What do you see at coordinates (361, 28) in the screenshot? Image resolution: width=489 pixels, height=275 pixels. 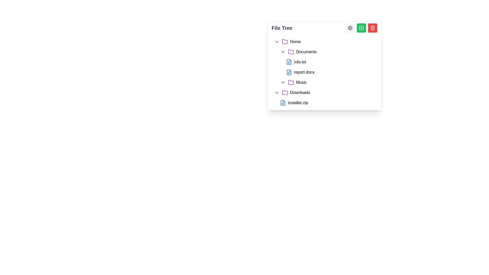 I see `the square icon button with a plus sign in the center, located at the top-right corner of the file tree component` at bounding box center [361, 28].